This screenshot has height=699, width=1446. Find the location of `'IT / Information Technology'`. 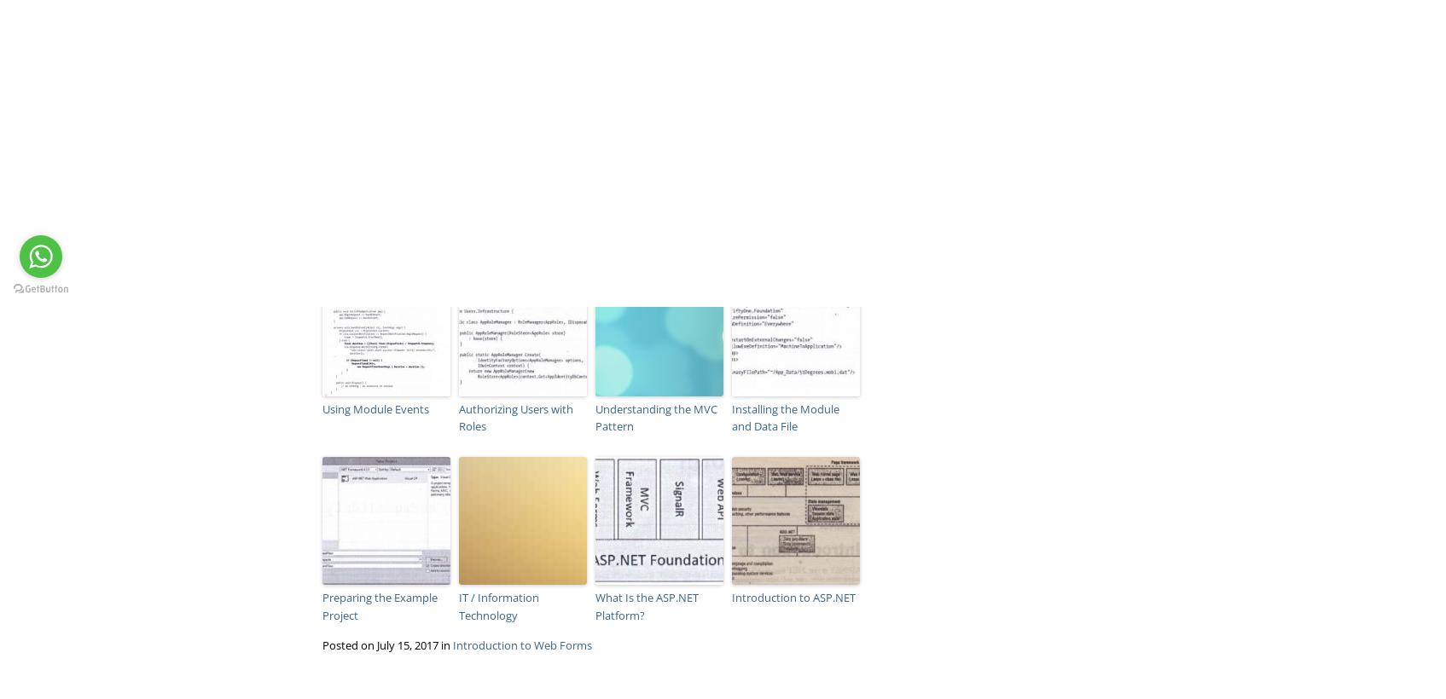

'IT / Information Technology' is located at coordinates (457, 606).